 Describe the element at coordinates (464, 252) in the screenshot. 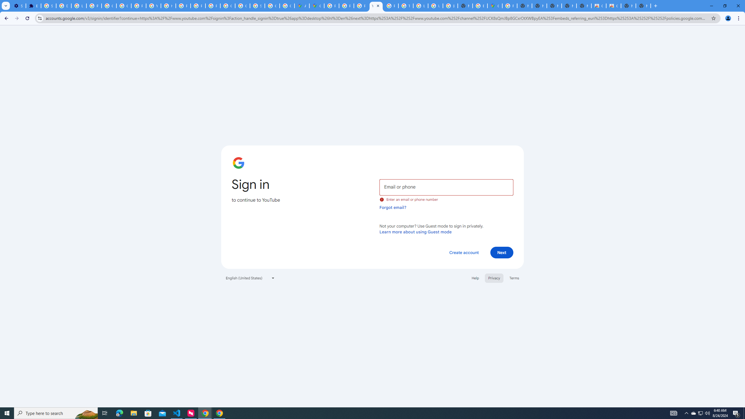

I see `'Create account'` at that location.